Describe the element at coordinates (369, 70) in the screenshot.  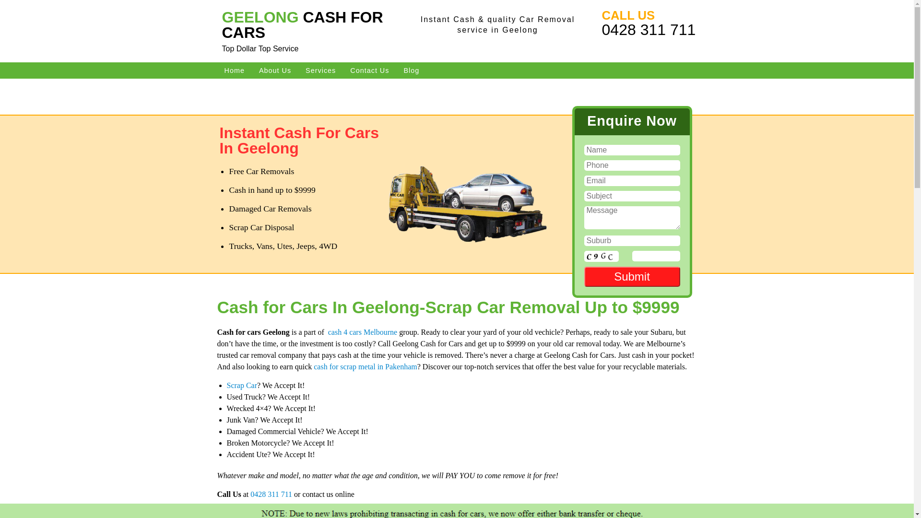
I see `'Contact Us'` at that location.